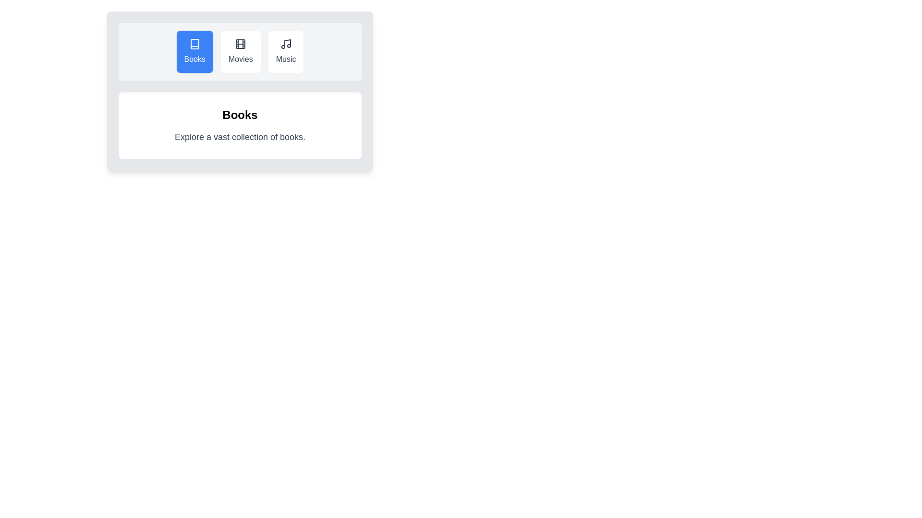 This screenshot has height=518, width=922. I want to click on the tab with title Books to select it, so click(194, 52).